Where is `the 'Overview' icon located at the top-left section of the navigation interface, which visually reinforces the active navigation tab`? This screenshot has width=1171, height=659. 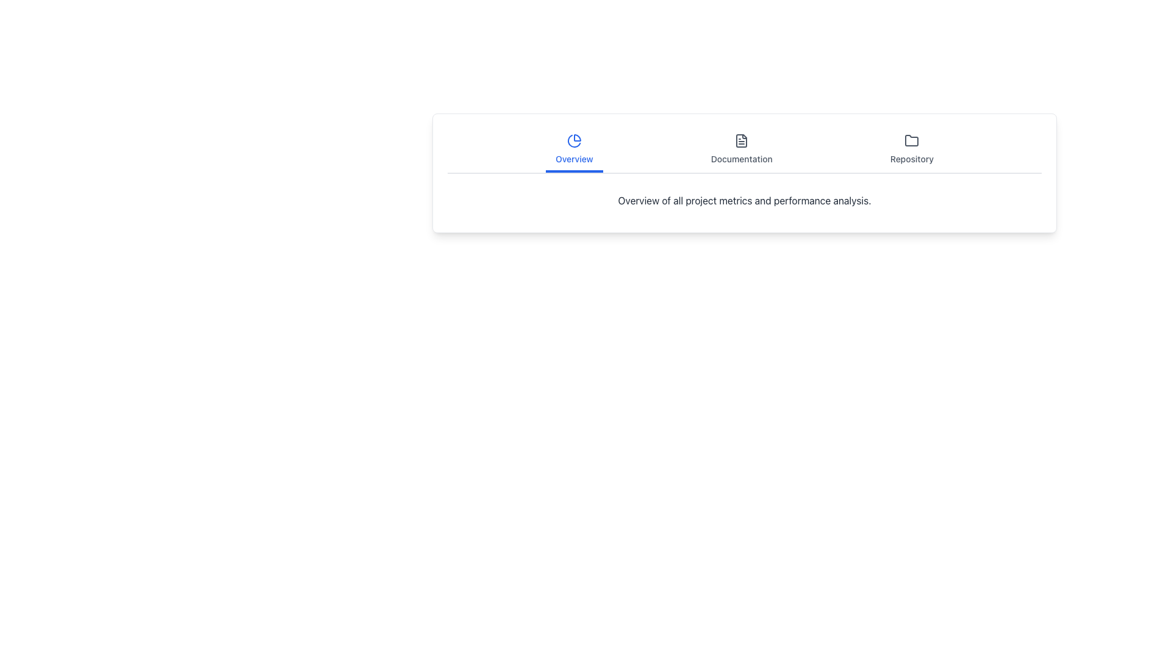
the 'Overview' icon located at the top-left section of the navigation interface, which visually reinforces the active navigation tab is located at coordinates (573, 140).